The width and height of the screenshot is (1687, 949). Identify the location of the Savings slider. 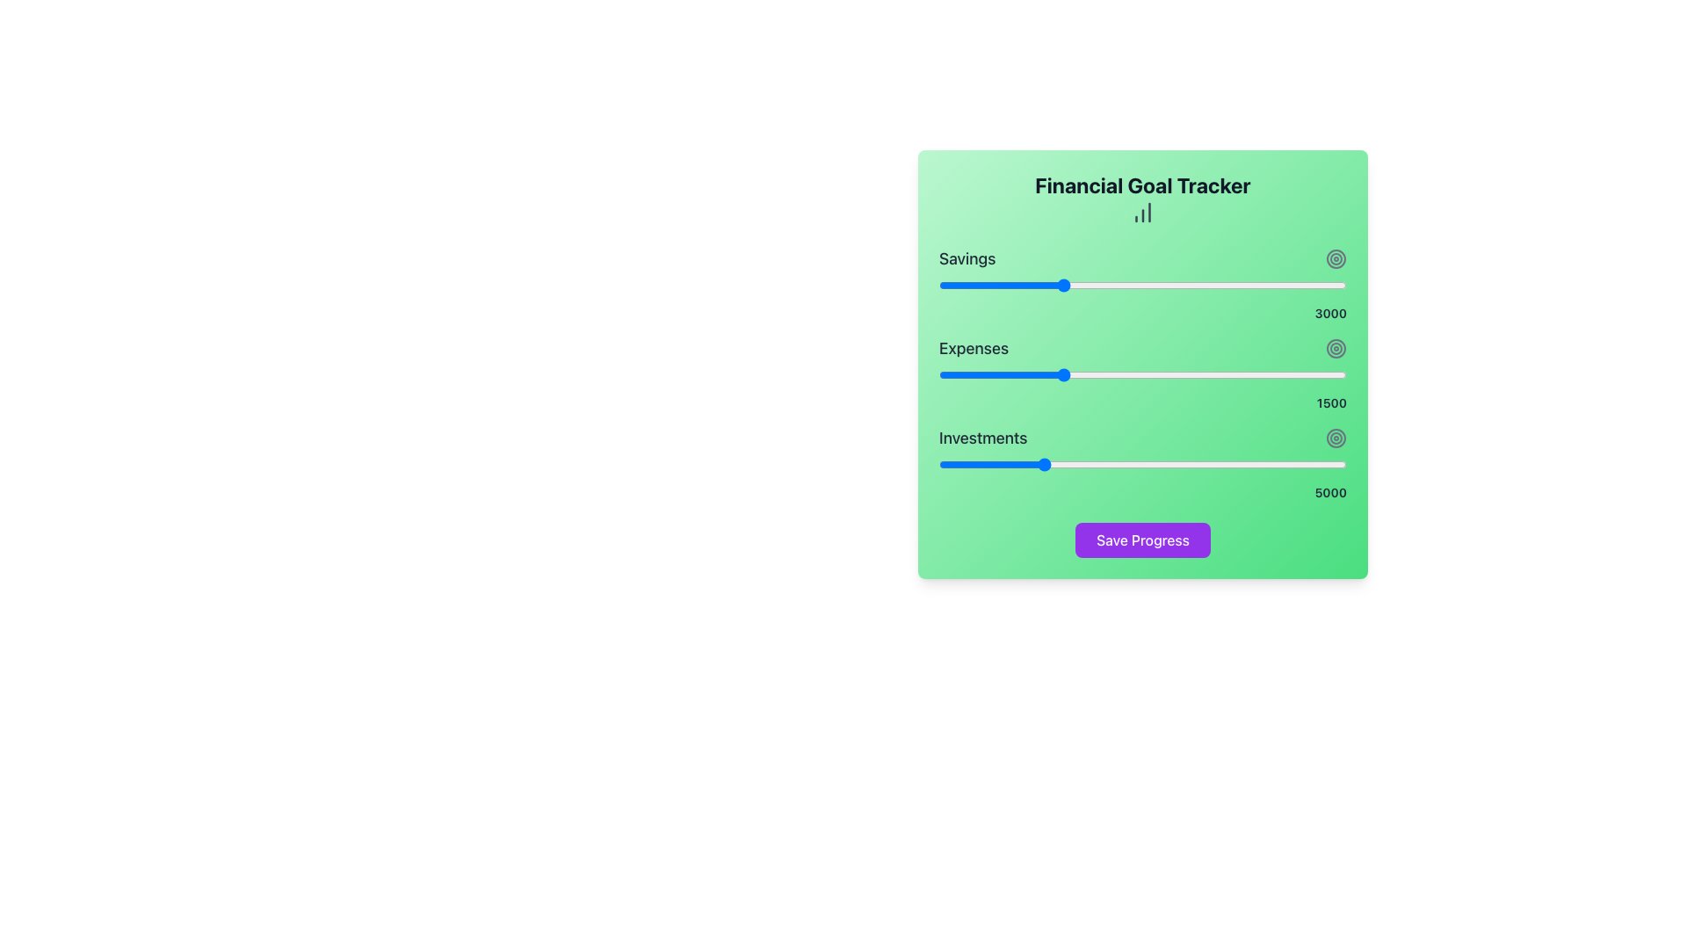
(1329, 284).